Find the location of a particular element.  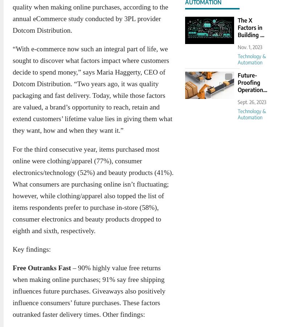

'Free Outranks Fast' is located at coordinates (42, 267).